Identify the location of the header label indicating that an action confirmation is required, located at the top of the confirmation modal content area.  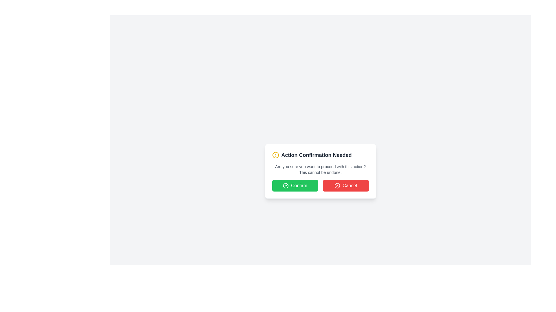
(320, 155).